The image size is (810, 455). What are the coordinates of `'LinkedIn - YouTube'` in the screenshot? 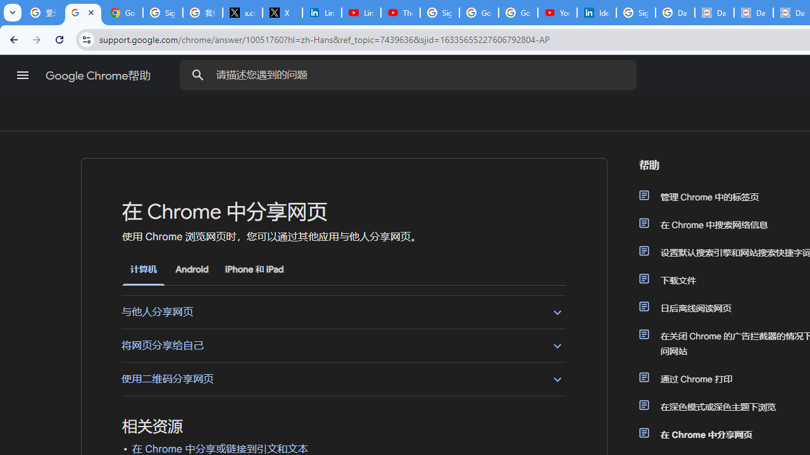 It's located at (360, 13).